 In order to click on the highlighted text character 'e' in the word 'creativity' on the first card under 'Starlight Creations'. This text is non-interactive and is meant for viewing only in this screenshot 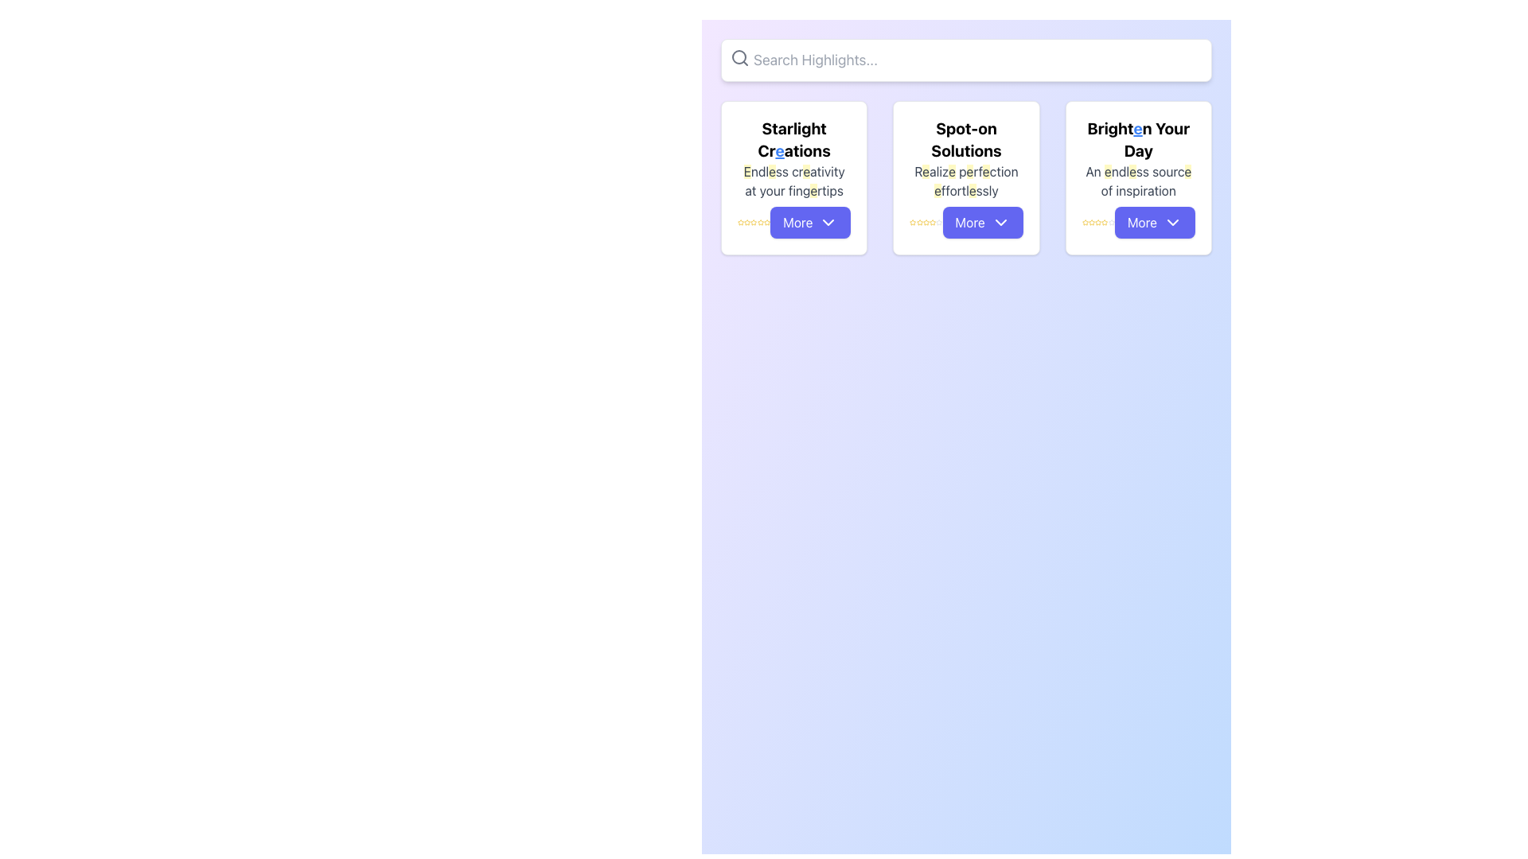, I will do `click(806, 172)`.